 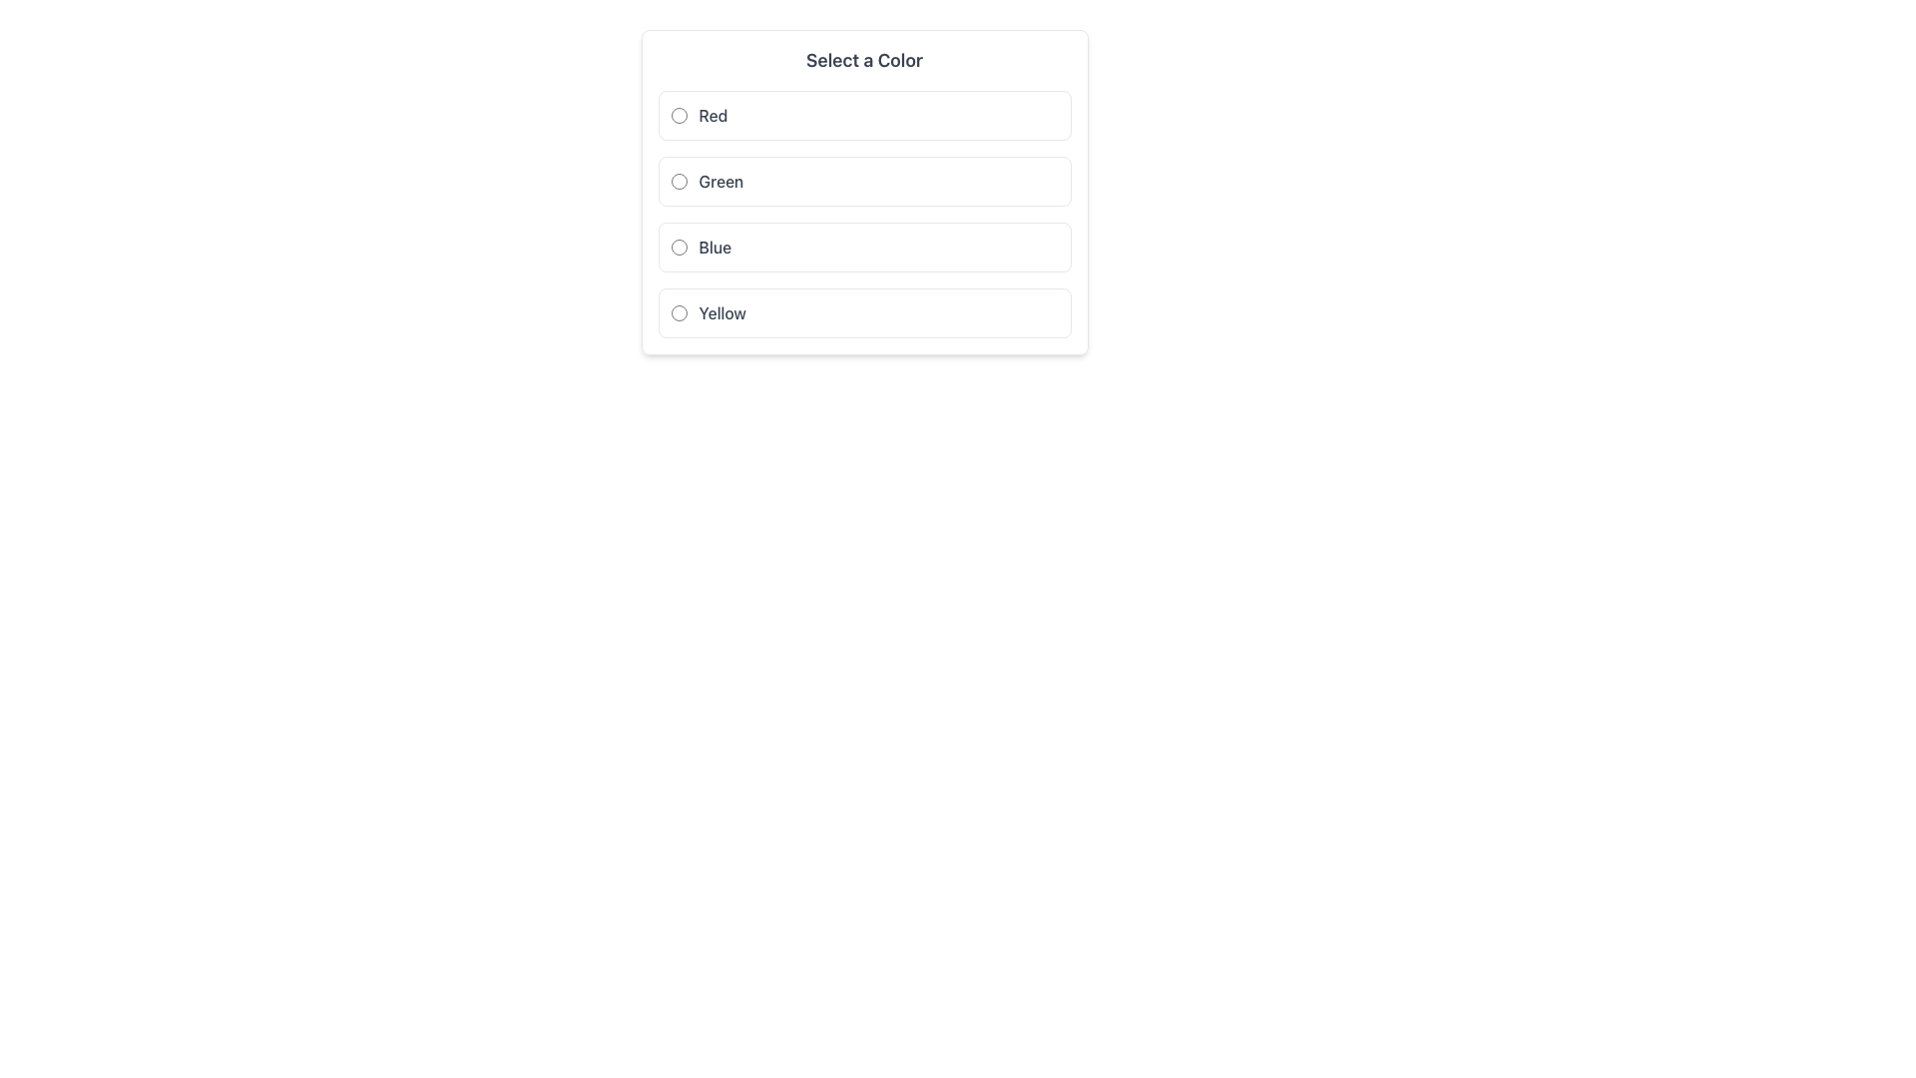 What do you see at coordinates (864, 192) in the screenshot?
I see `the radio button labeled 'Green'` at bounding box center [864, 192].